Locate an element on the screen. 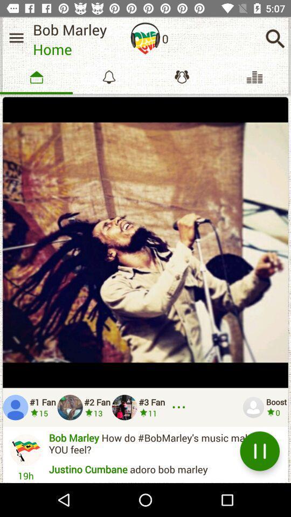 The image size is (291, 517). the pause icon is located at coordinates (259, 451).